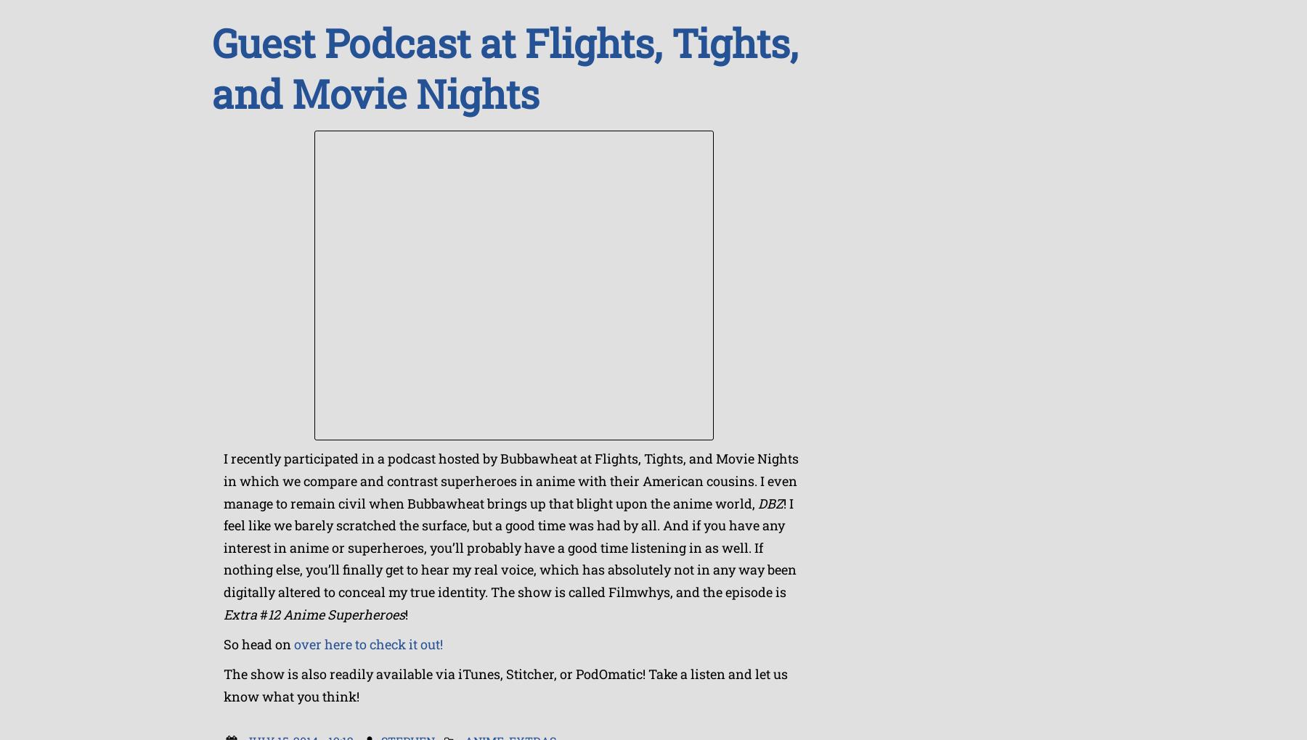 The image size is (1307, 740). What do you see at coordinates (264, 613) in the screenshot?
I see `'#'` at bounding box center [264, 613].